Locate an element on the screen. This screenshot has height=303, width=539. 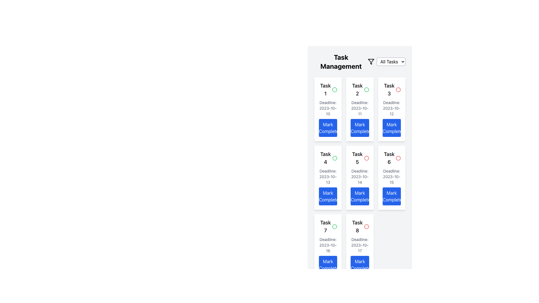
the 'Mark Completed' button on the third task card in the task management interface to mark the task as completed is located at coordinates (391, 109).